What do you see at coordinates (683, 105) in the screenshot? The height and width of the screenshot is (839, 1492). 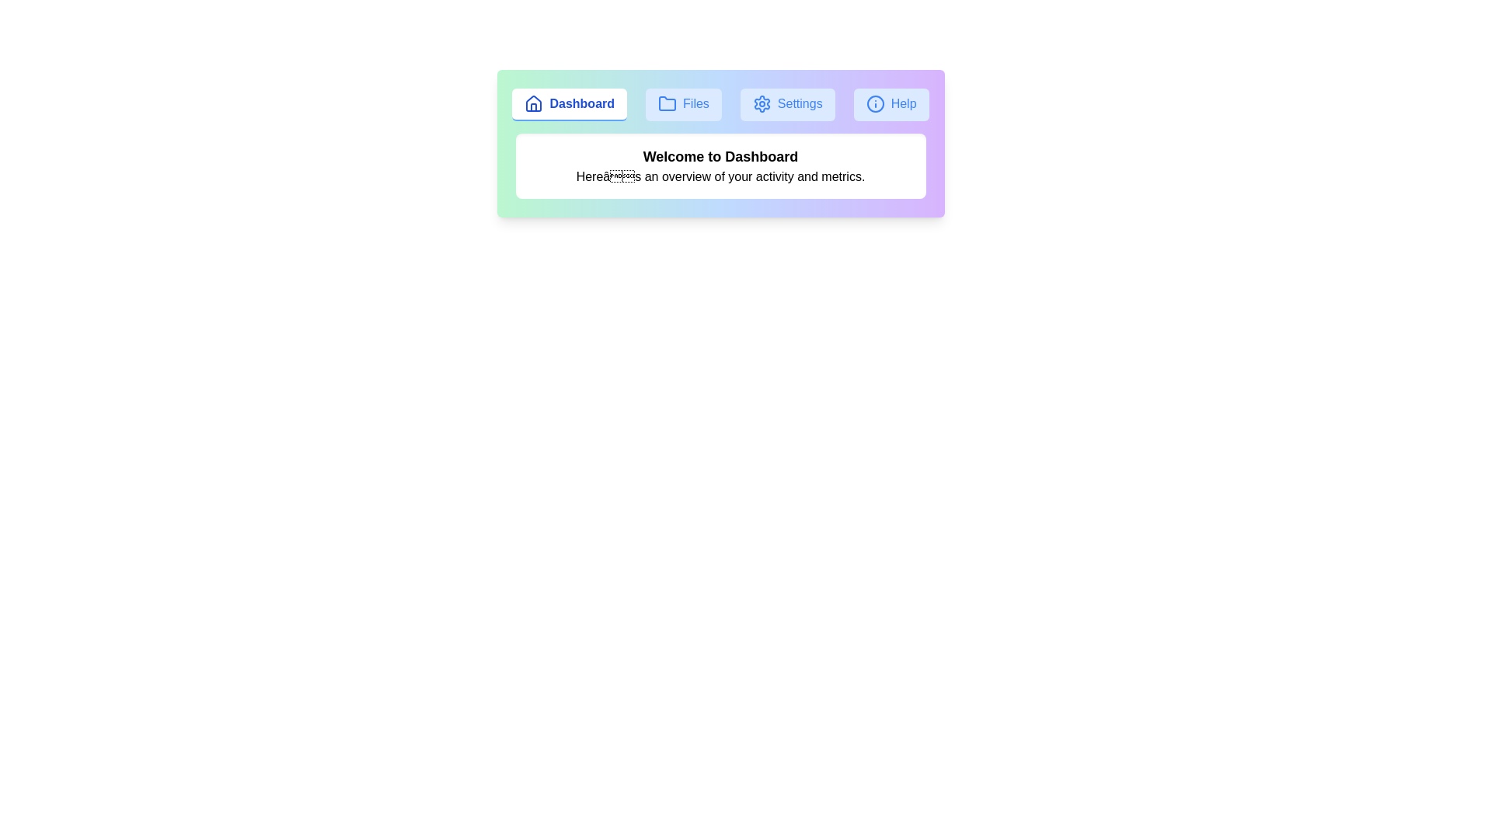 I see `the Files tab` at bounding box center [683, 105].